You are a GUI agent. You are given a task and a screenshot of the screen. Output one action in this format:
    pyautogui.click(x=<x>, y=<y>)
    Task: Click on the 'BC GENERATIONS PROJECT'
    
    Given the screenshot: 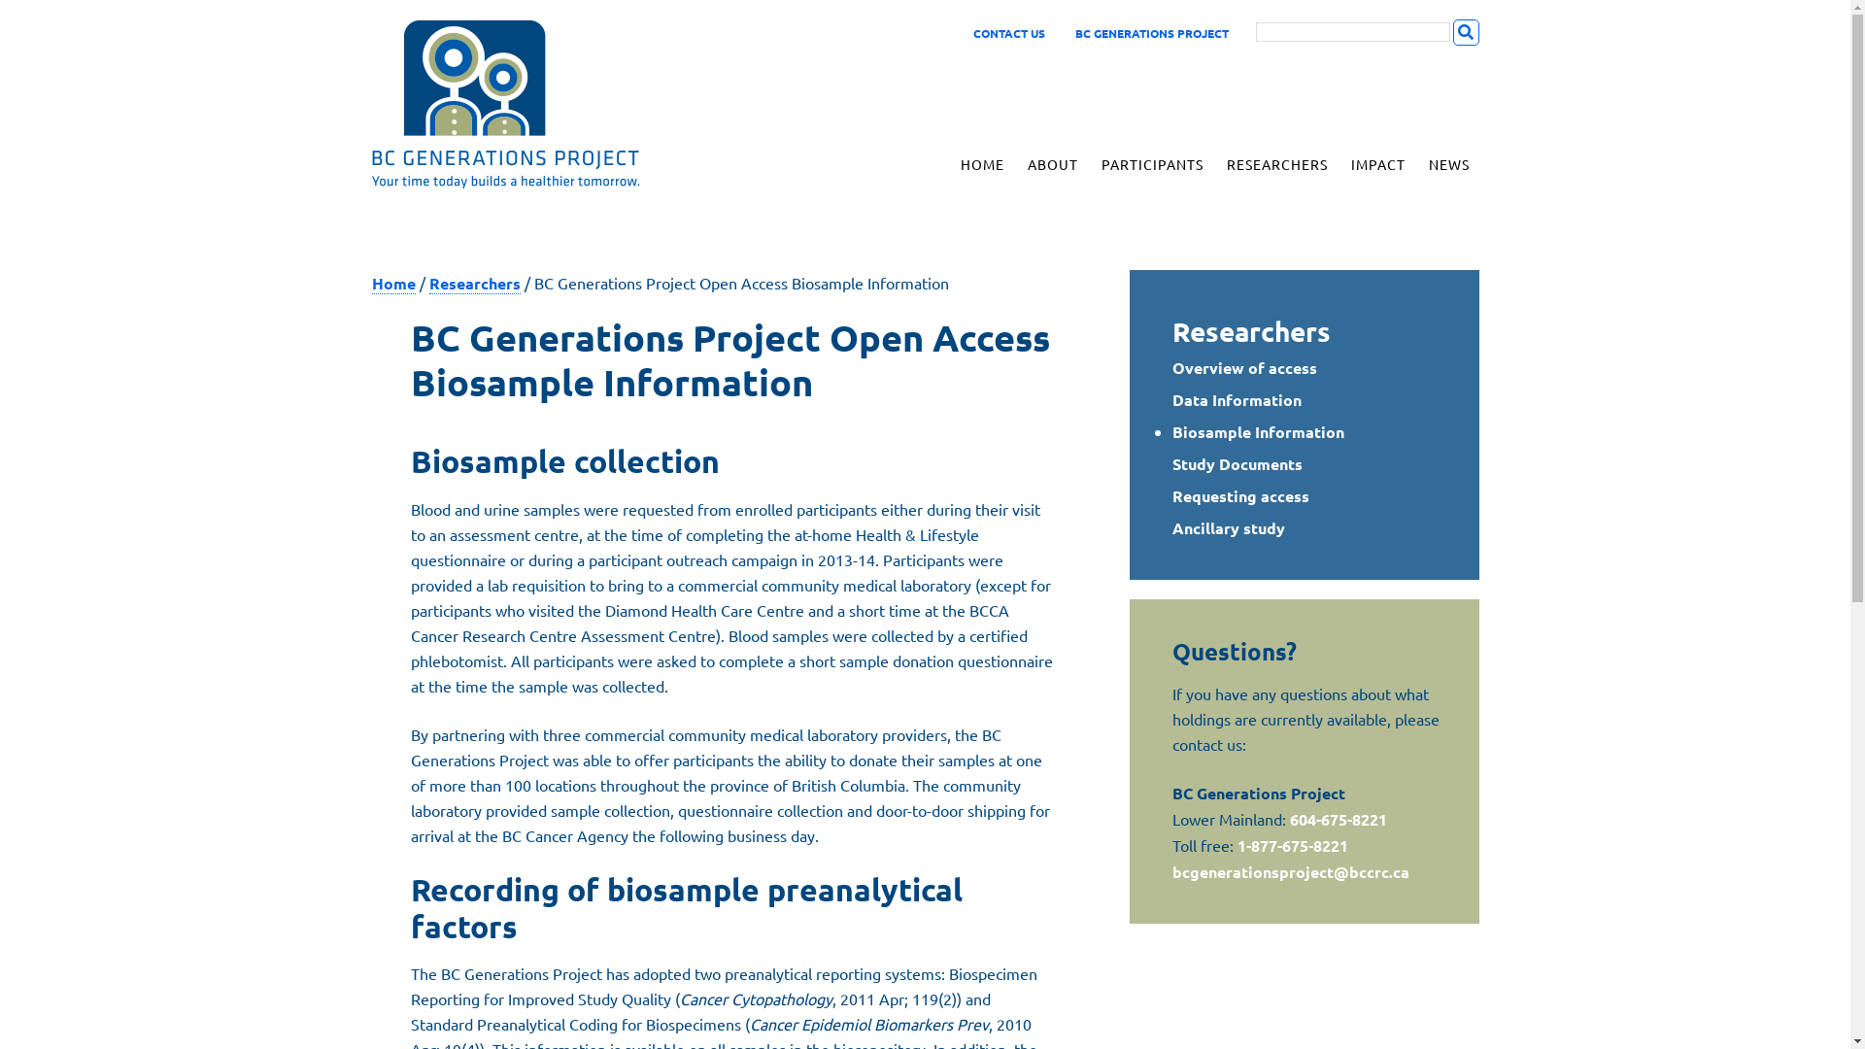 What is the action you would take?
    pyautogui.click(x=1150, y=33)
    